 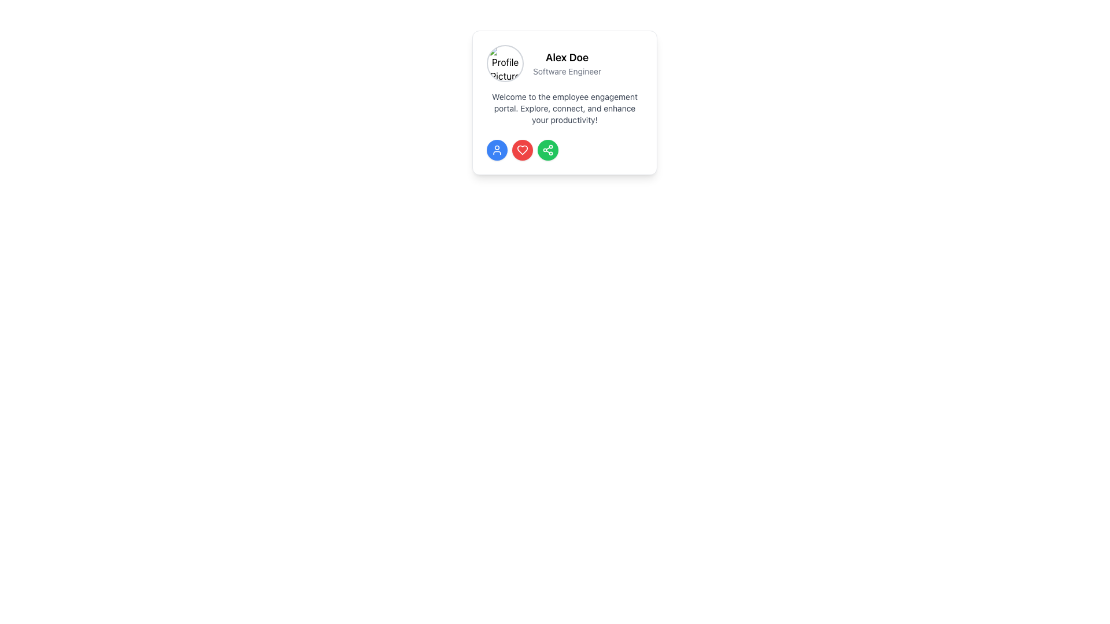 I want to click on the user profile button, which is the leftmost circular button in a row of three buttons located at the bottom center of the card interface, so click(x=497, y=149).